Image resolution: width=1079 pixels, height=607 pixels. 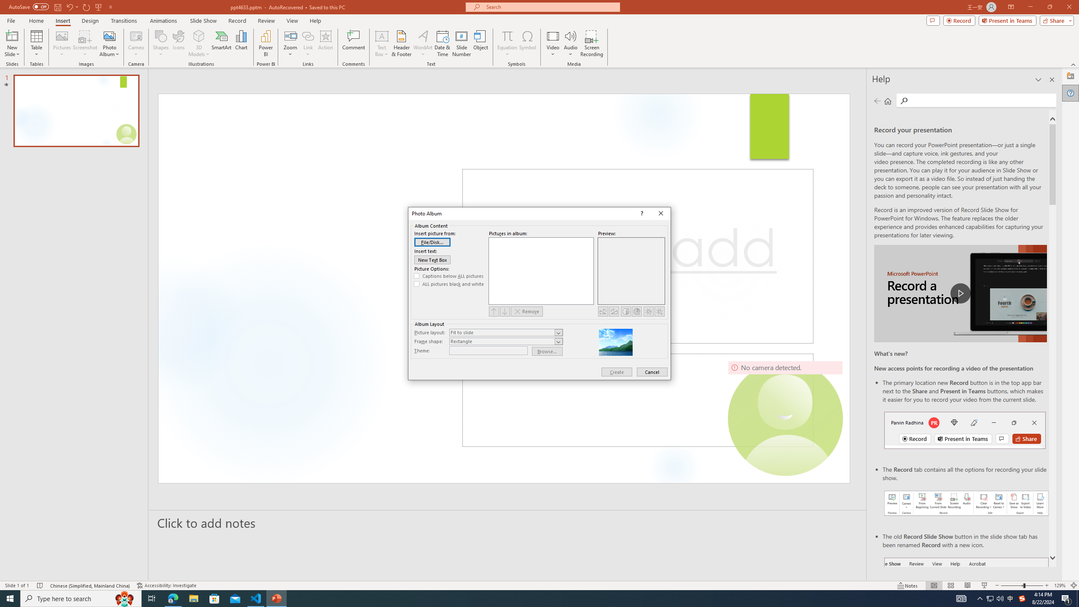 I want to click on 'AutomationID: 4105', so click(x=961, y=598).